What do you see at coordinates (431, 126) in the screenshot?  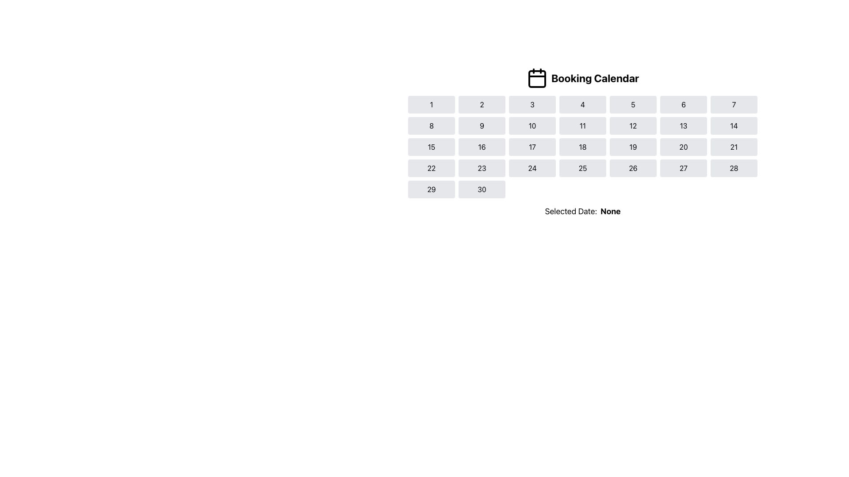 I see `the rectangular button with a light gray background and the number '8' centered in bold black font` at bounding box center [431, 126].